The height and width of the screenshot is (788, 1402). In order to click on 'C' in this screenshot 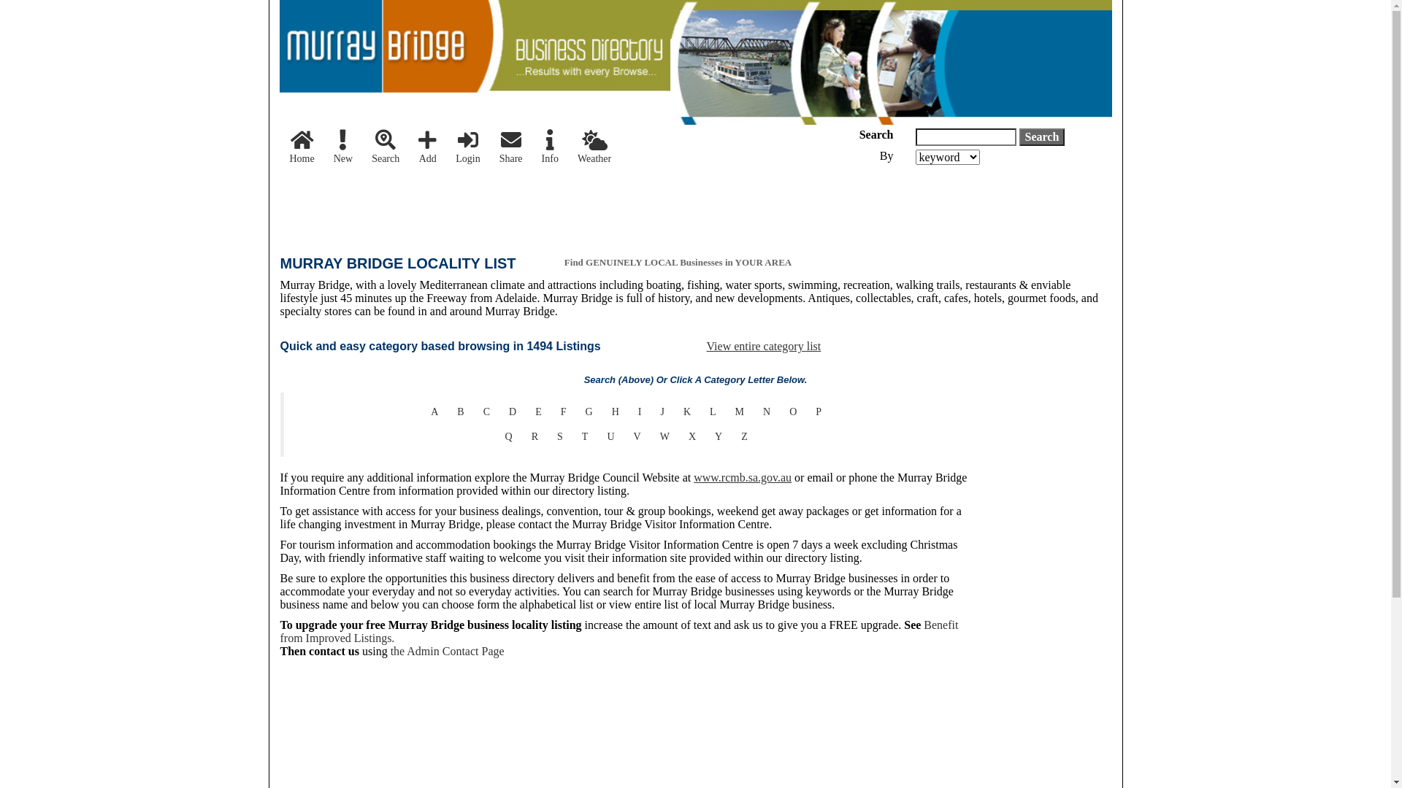, I will do `click(486, 412)`.